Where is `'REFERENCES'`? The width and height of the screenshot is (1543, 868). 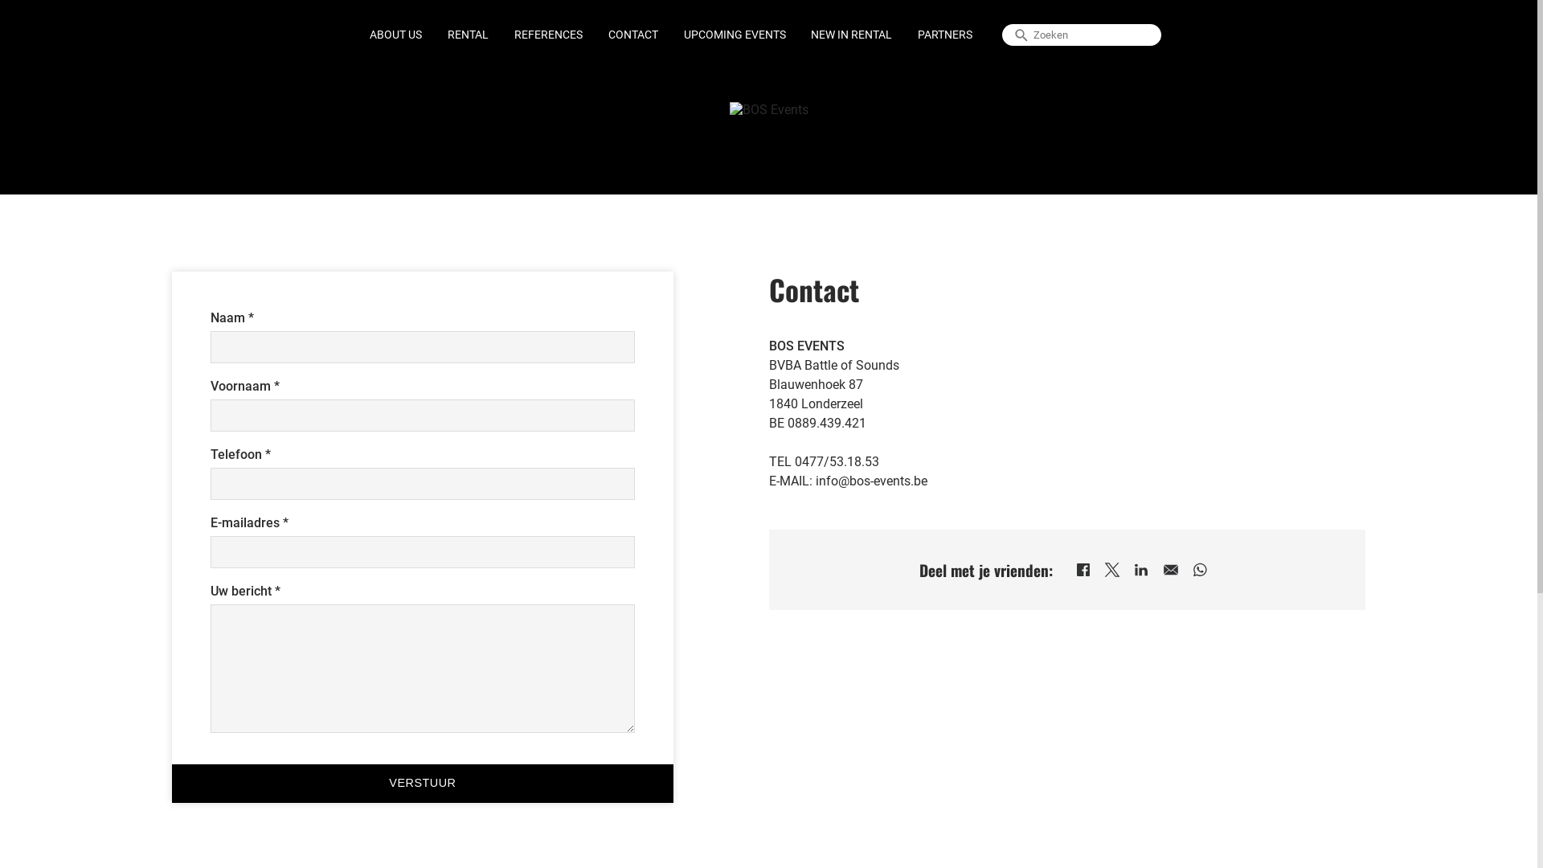
'REFERENCES' is located at coordinates (548, 35).